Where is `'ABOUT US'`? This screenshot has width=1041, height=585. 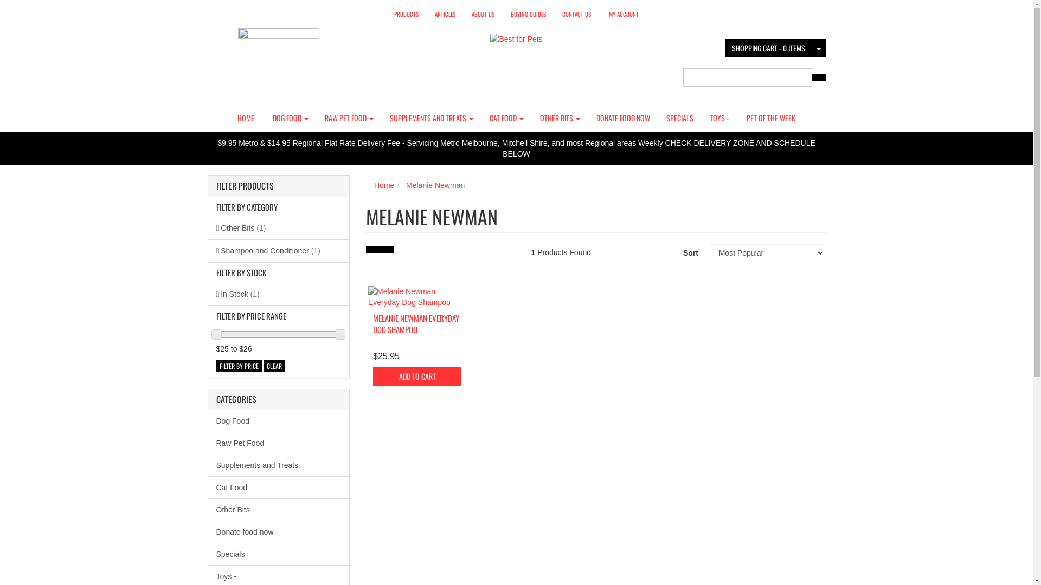 'ABOUT US' is located at coordinates (483, 14).